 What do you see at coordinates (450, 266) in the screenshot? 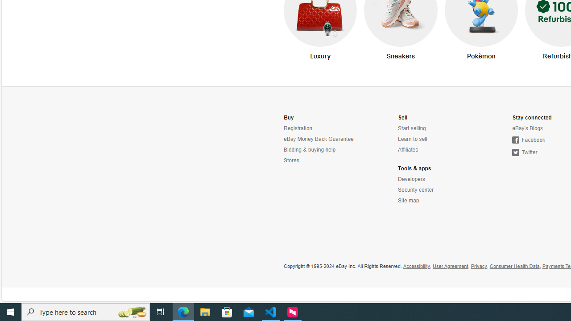
I see `'User Agreement'` at bounding box center [450, 266].